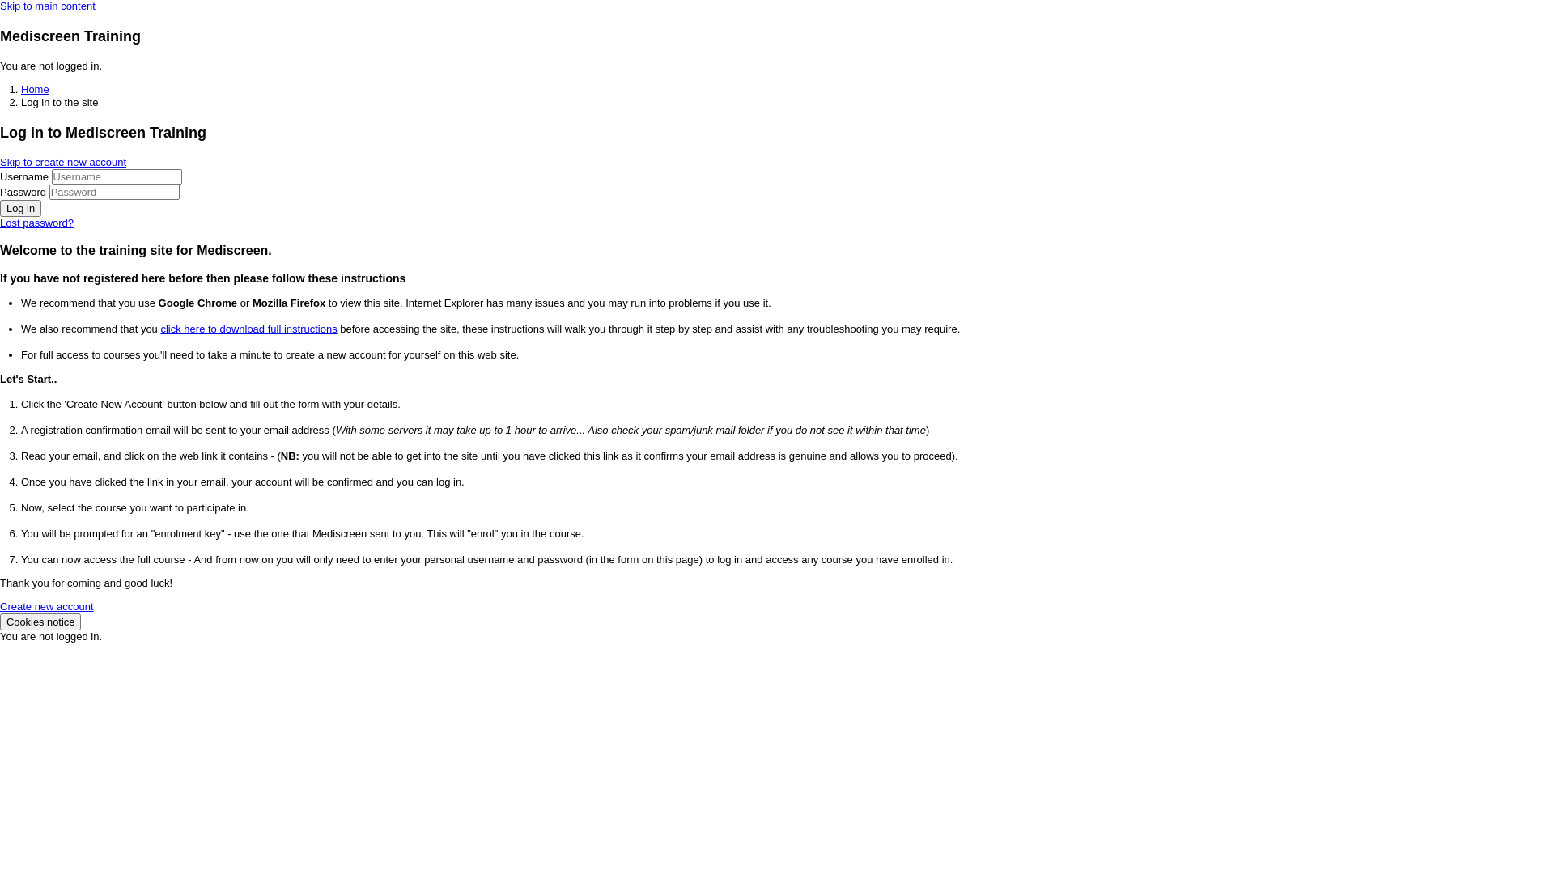 The image size is (1554, 874). Describe the element at coordinates (20, 207) in the screenshot. I see `'Log in'` at that location.